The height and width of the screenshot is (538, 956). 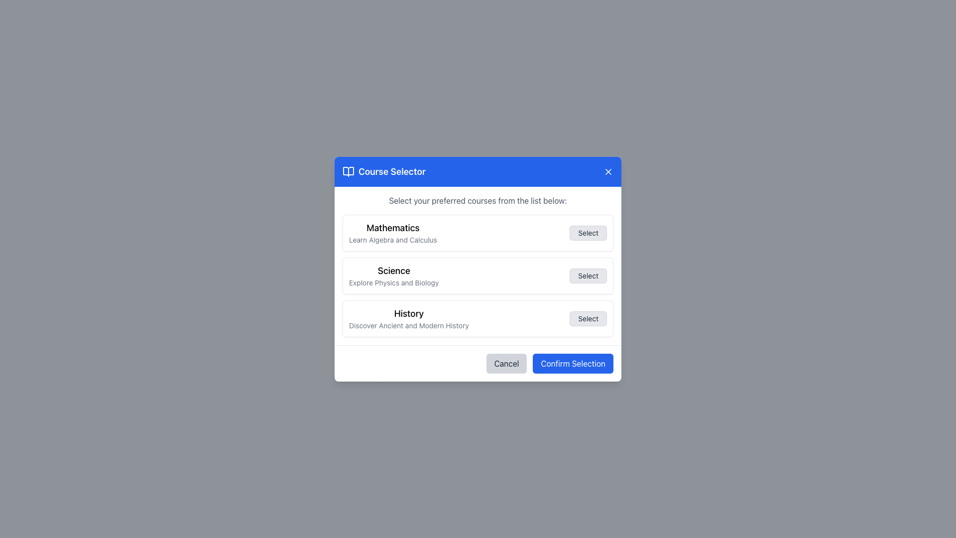 What do you see at coordinates (392, 233) in the screenshot?
I see `text from the Text Block displaying 'Mathematics' and 'Learn Algebra and Calculus', which is the first element in the course options modal` at bounding box center [392, 233].